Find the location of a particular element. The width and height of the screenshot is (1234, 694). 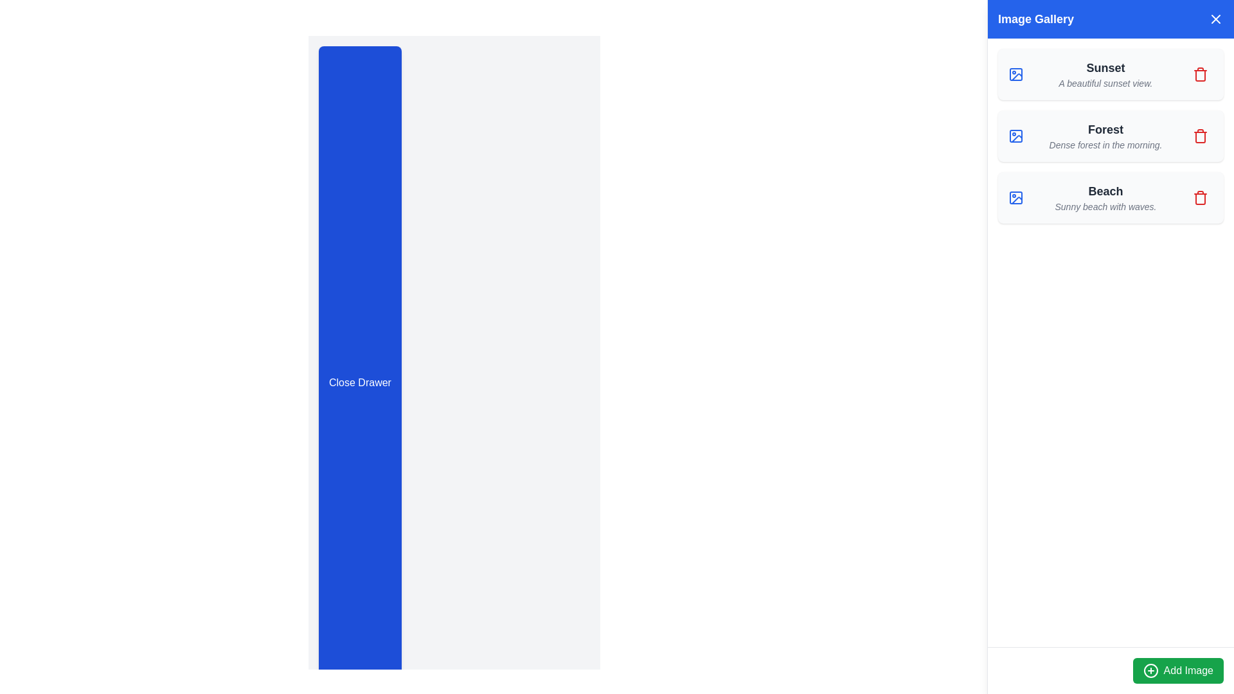

the close button located at the top-right corner of the 'Image Gallery' panel is located at coordinates (1215, 19).